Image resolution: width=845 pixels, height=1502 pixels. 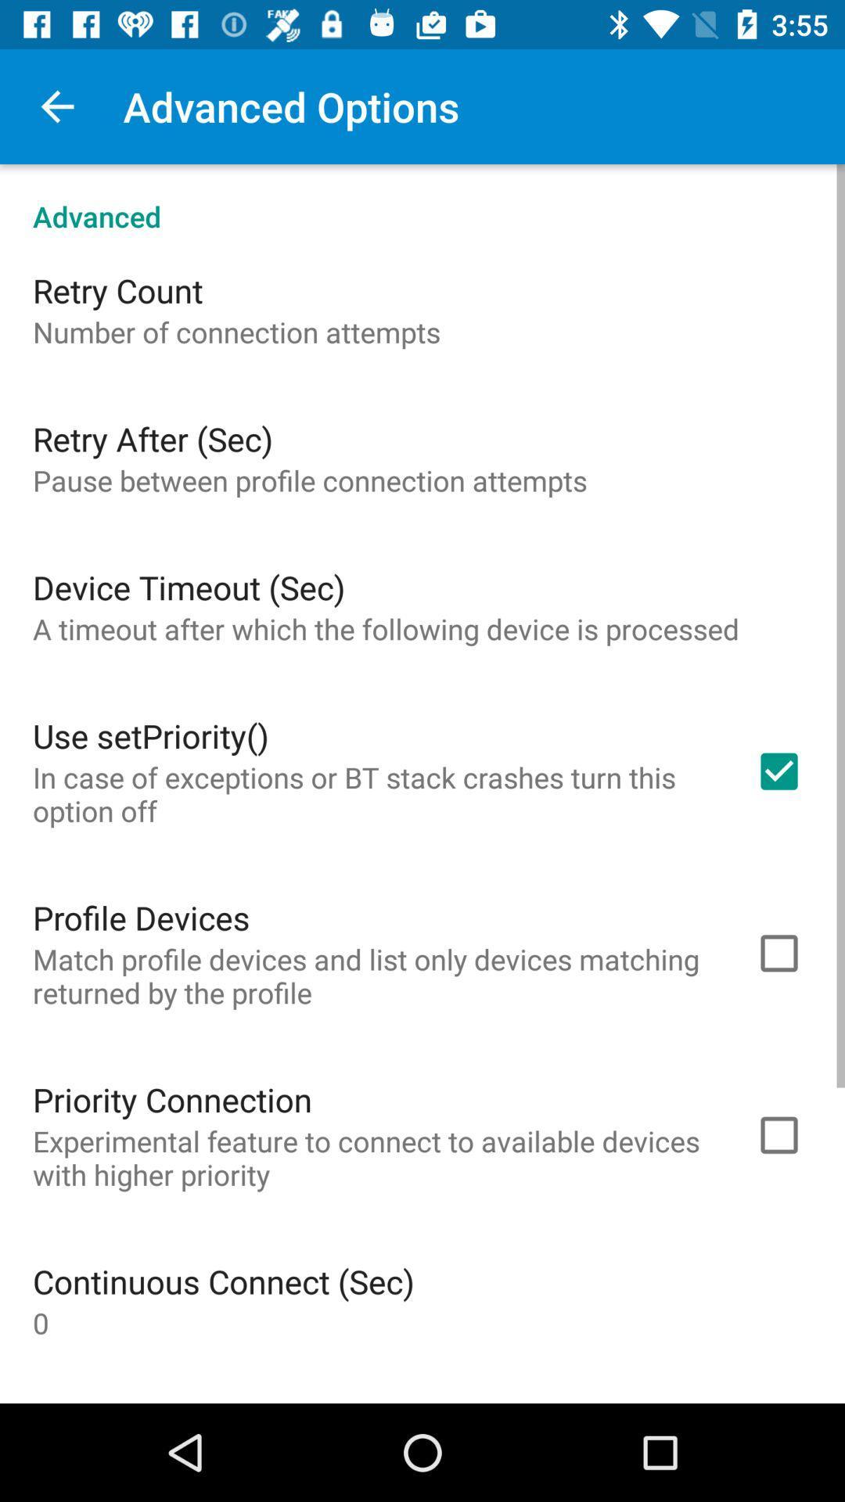 I want to click on item next to the advanced options item, so click(x=56, y=106).